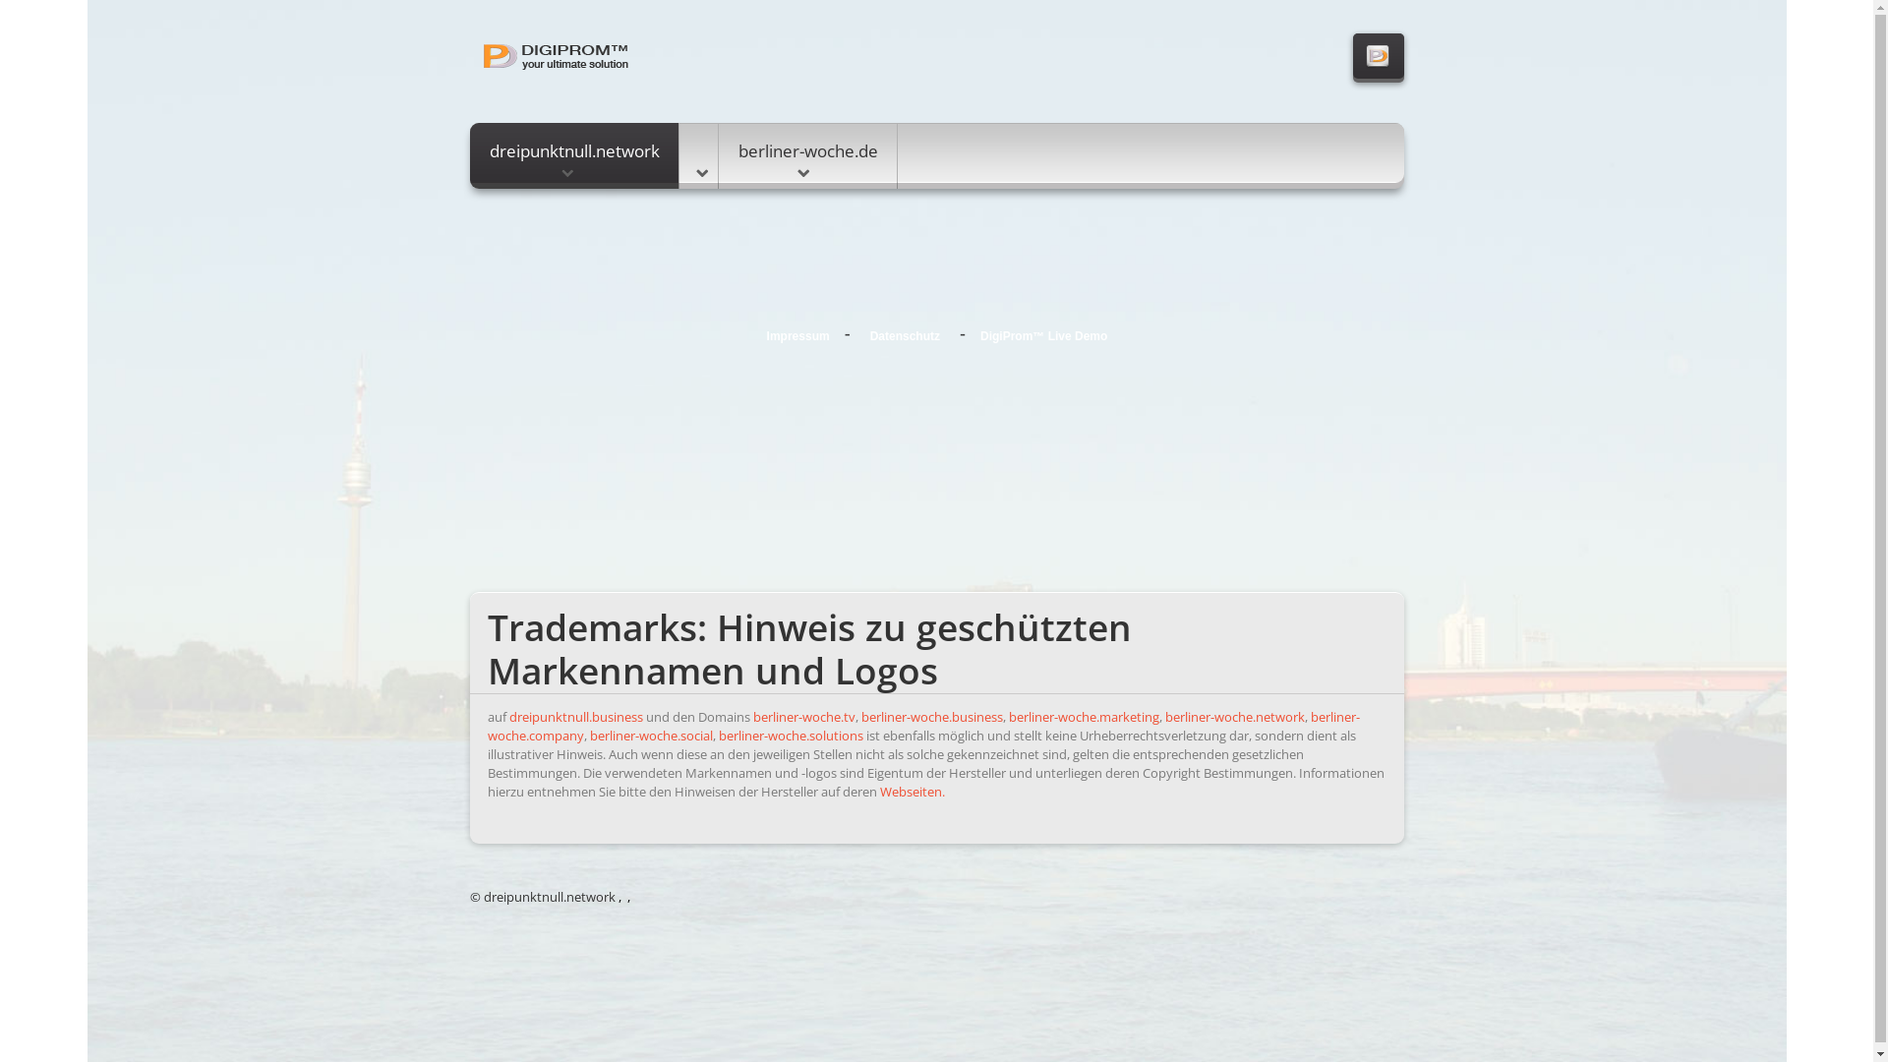  I want to click on 'berliner-woche.company', so click(922, 726).